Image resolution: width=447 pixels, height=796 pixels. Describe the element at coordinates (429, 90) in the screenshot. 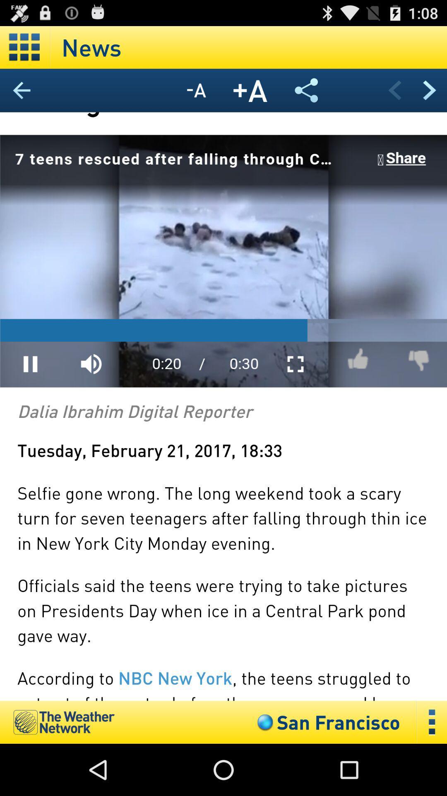

I see `previous` at that location.